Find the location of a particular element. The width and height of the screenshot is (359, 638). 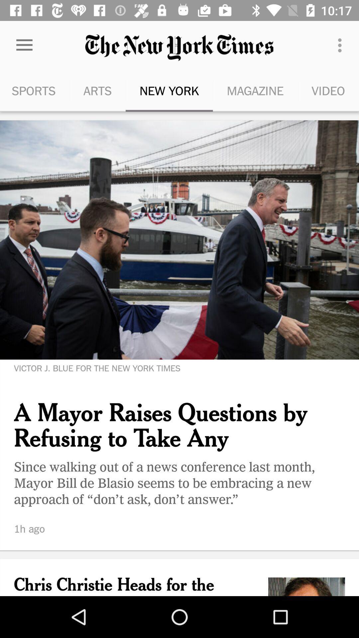

the video icon is located at coordinates (328, 90).